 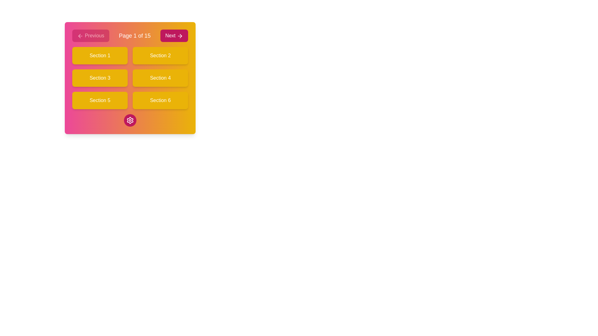 What do you see at coordinates (80, 36) in the screenshot?
I see `the left arrow icon within the 'Previous' button that has a pink background and rounded corners` at bounding box center [80, 36].